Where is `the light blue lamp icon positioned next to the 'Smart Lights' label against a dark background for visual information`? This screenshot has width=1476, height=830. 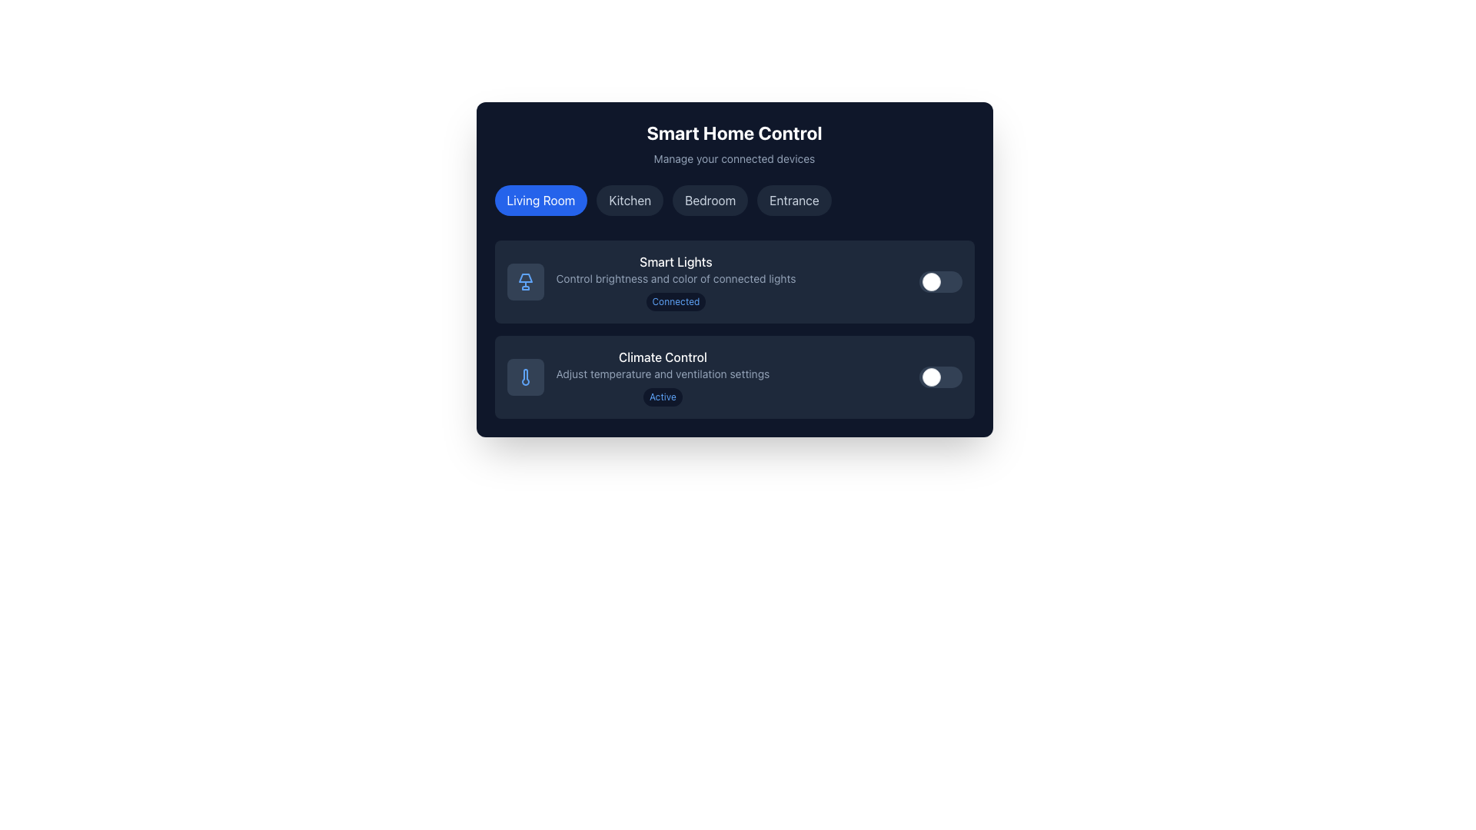 the light blue lamp icon positioned next to the 'Smart Lights' label against a dark background for visual information is located at coordinates (525, 281).